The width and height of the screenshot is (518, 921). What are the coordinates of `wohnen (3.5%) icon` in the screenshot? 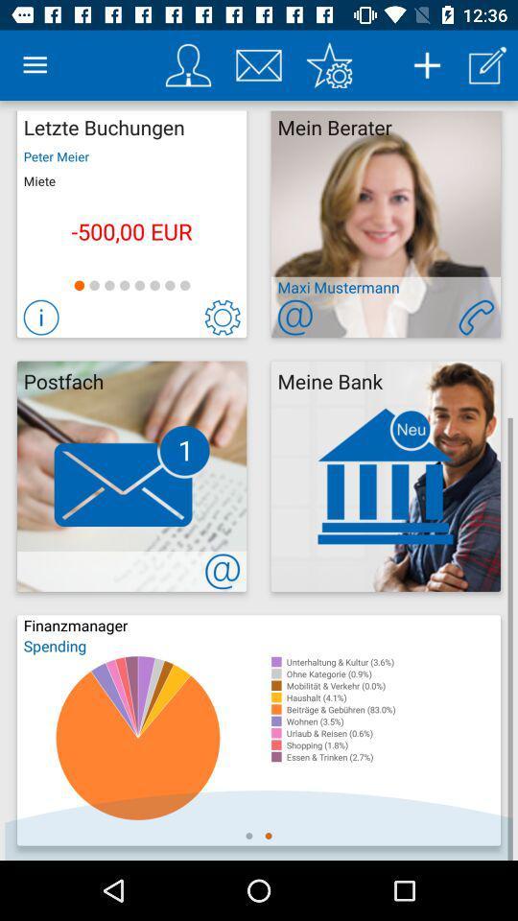 It's located at (392, 720).